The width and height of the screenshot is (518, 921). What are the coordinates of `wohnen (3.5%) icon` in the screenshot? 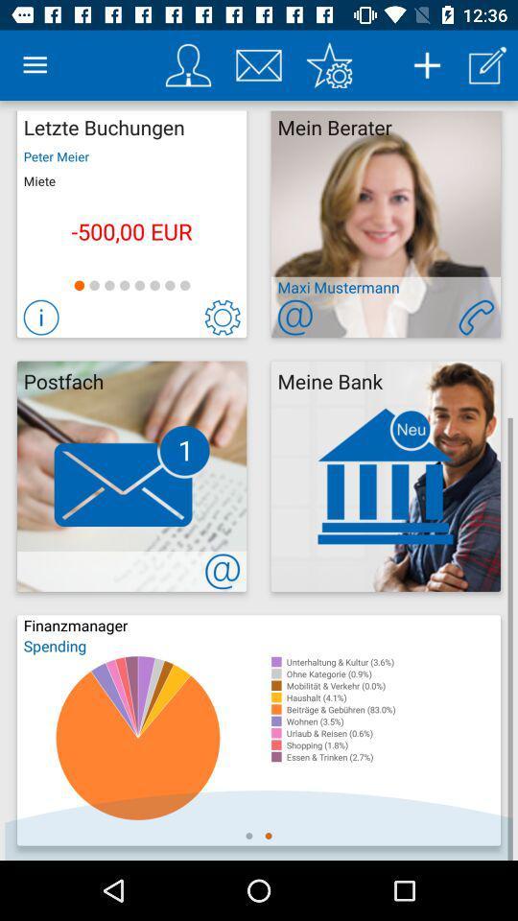 It's located at (392, 720).